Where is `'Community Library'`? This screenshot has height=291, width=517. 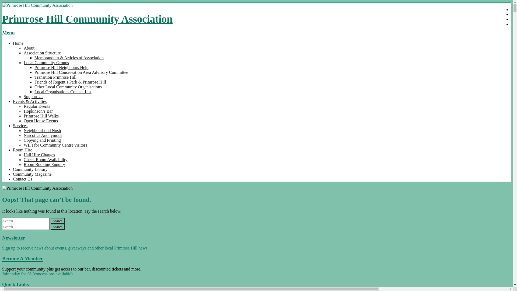 'Community Library' is located at coordinates (30, 169).